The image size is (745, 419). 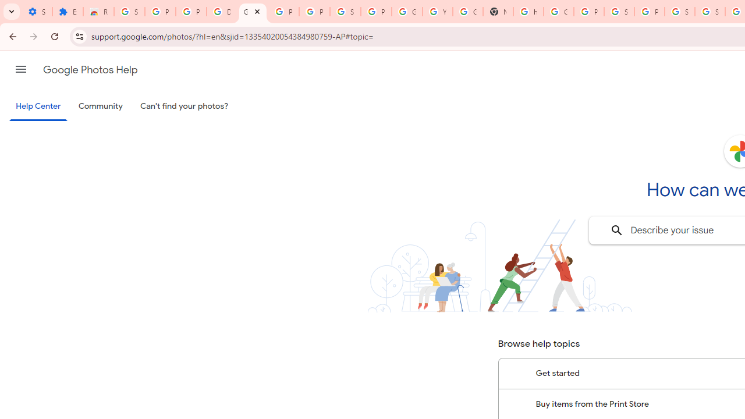 What do you see at coordinates (37, 12) in the screenshot?
I see `'Settings - On startup'` at bounding box center [37, 12].